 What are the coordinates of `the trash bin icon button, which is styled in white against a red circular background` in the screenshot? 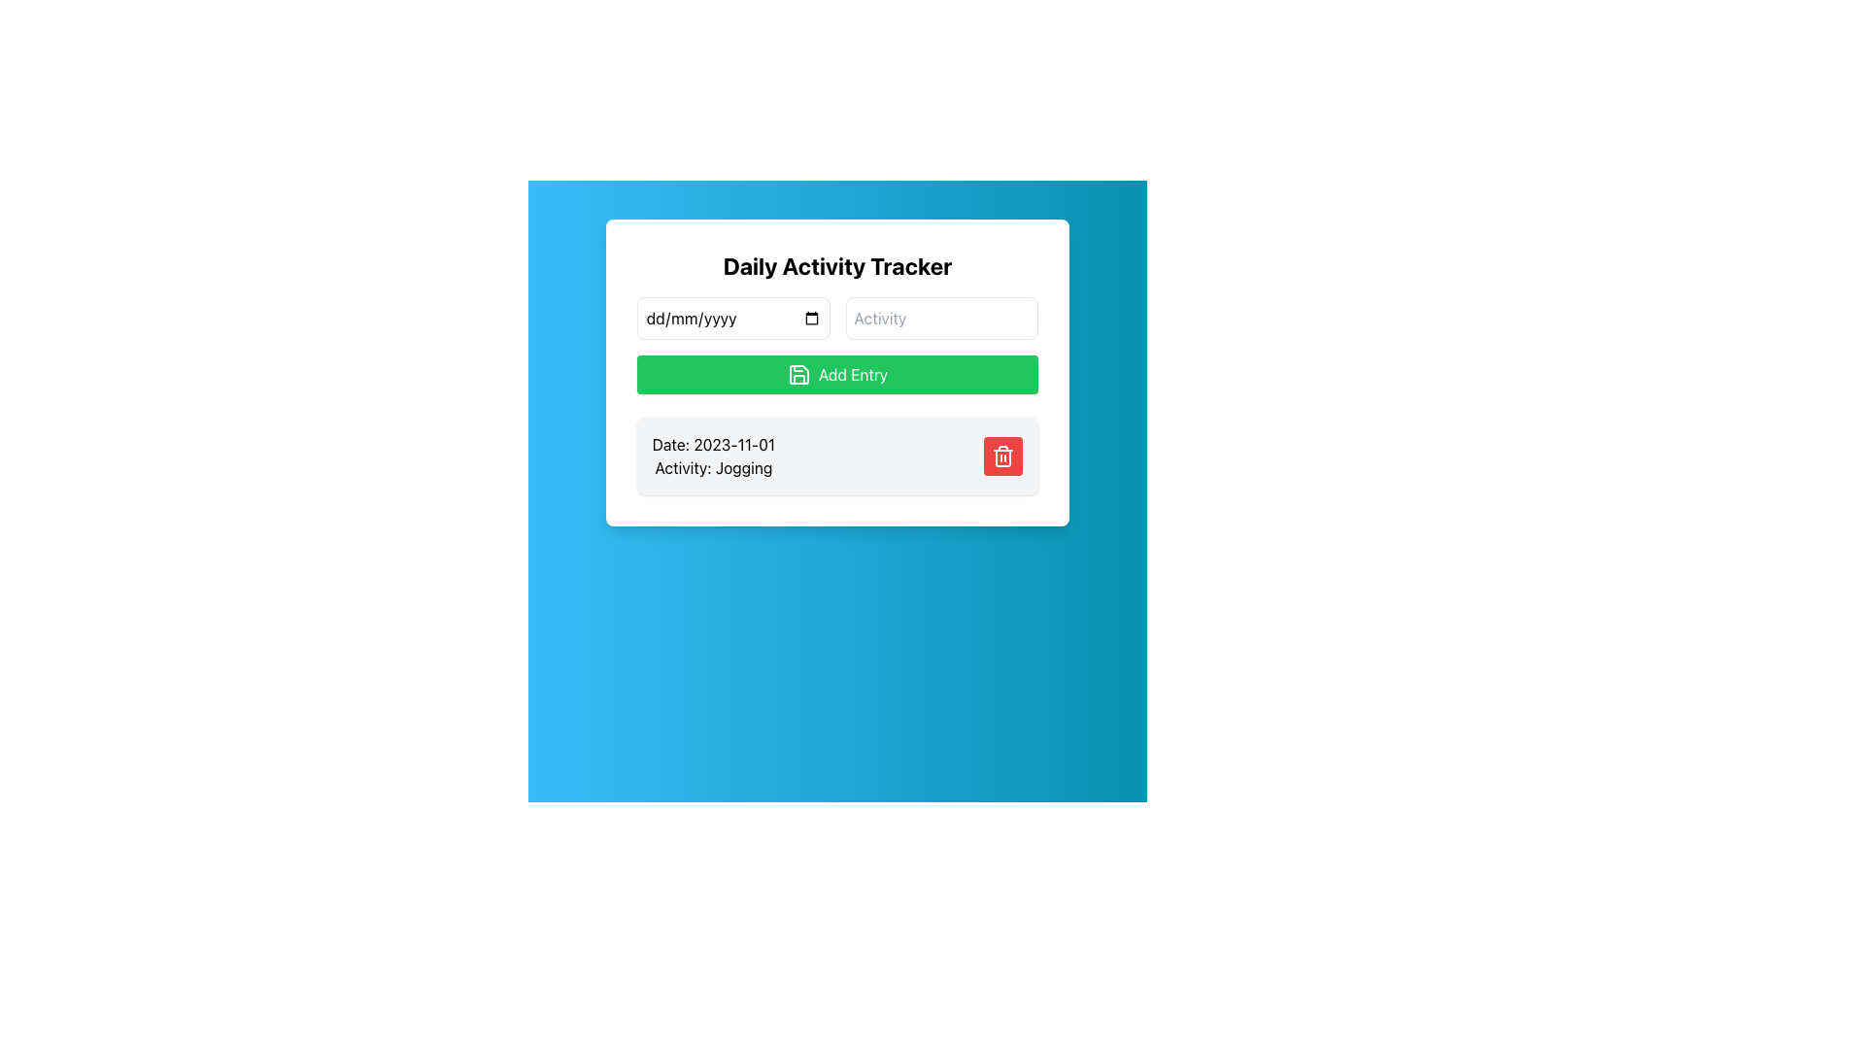 It's located at (1003, 457).